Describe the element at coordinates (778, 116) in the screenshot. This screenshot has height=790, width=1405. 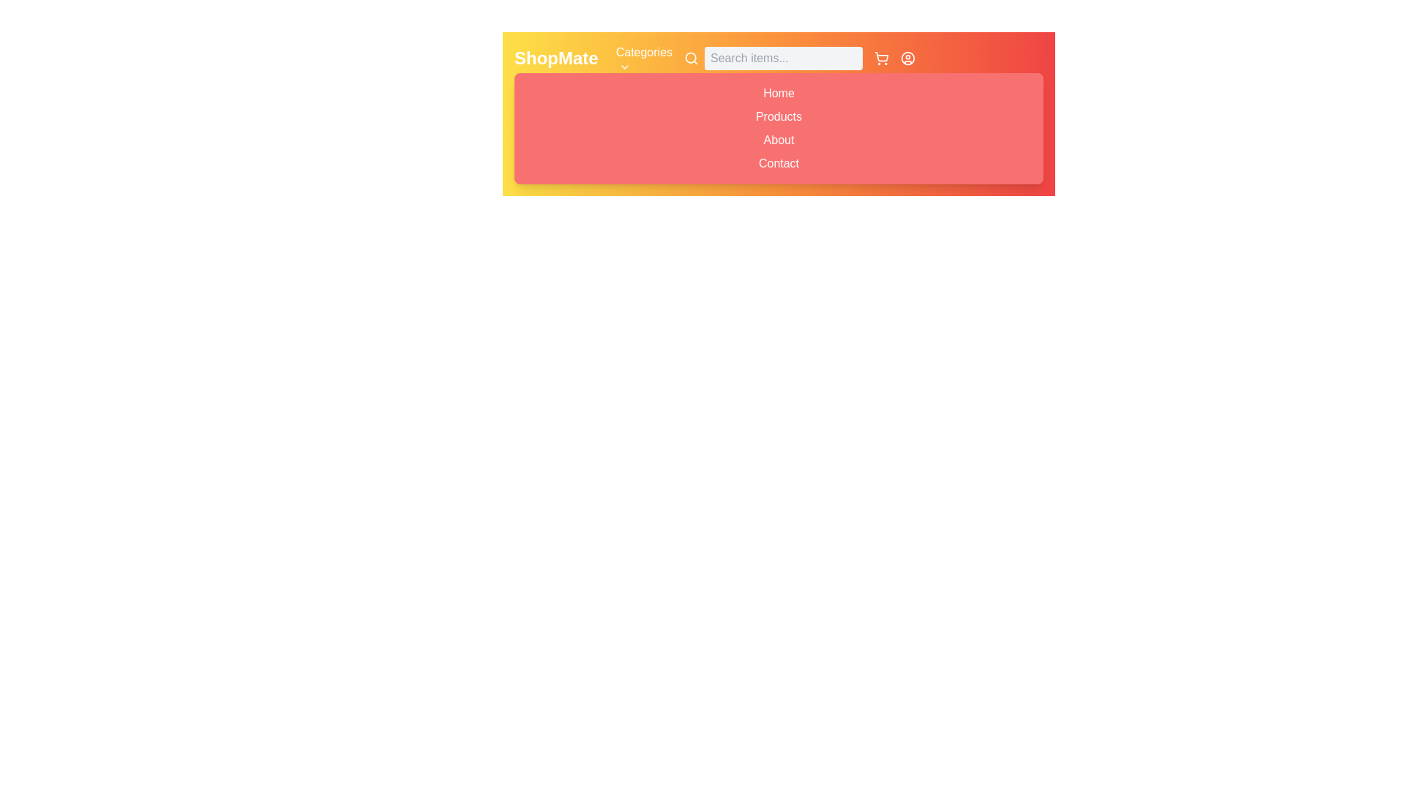
I see `the 'Products' hyperlink in the navigation menu to trigger the hover effect` at that location.